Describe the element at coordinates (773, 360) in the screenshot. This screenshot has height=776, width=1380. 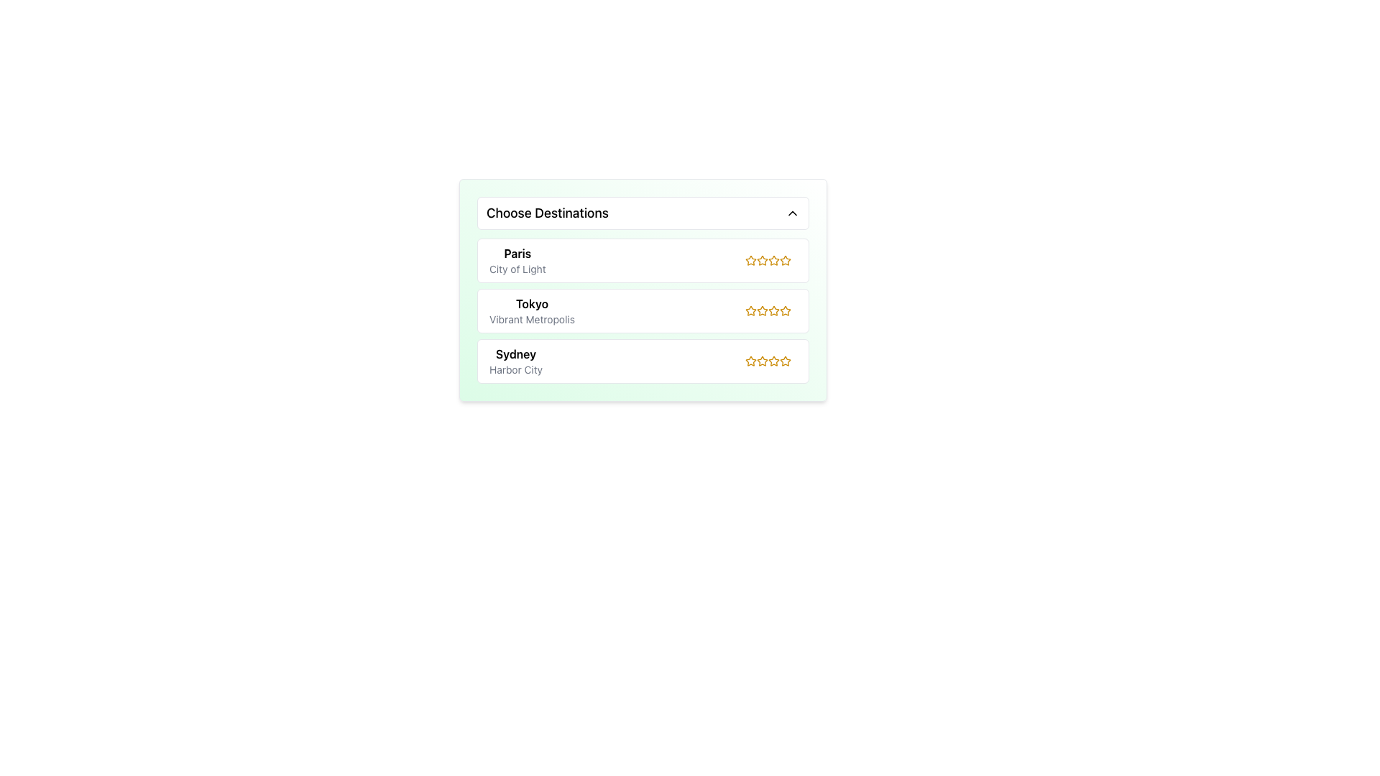
I see `the fifth star icon in the rating system for the 'Sydney' destination` at that location.